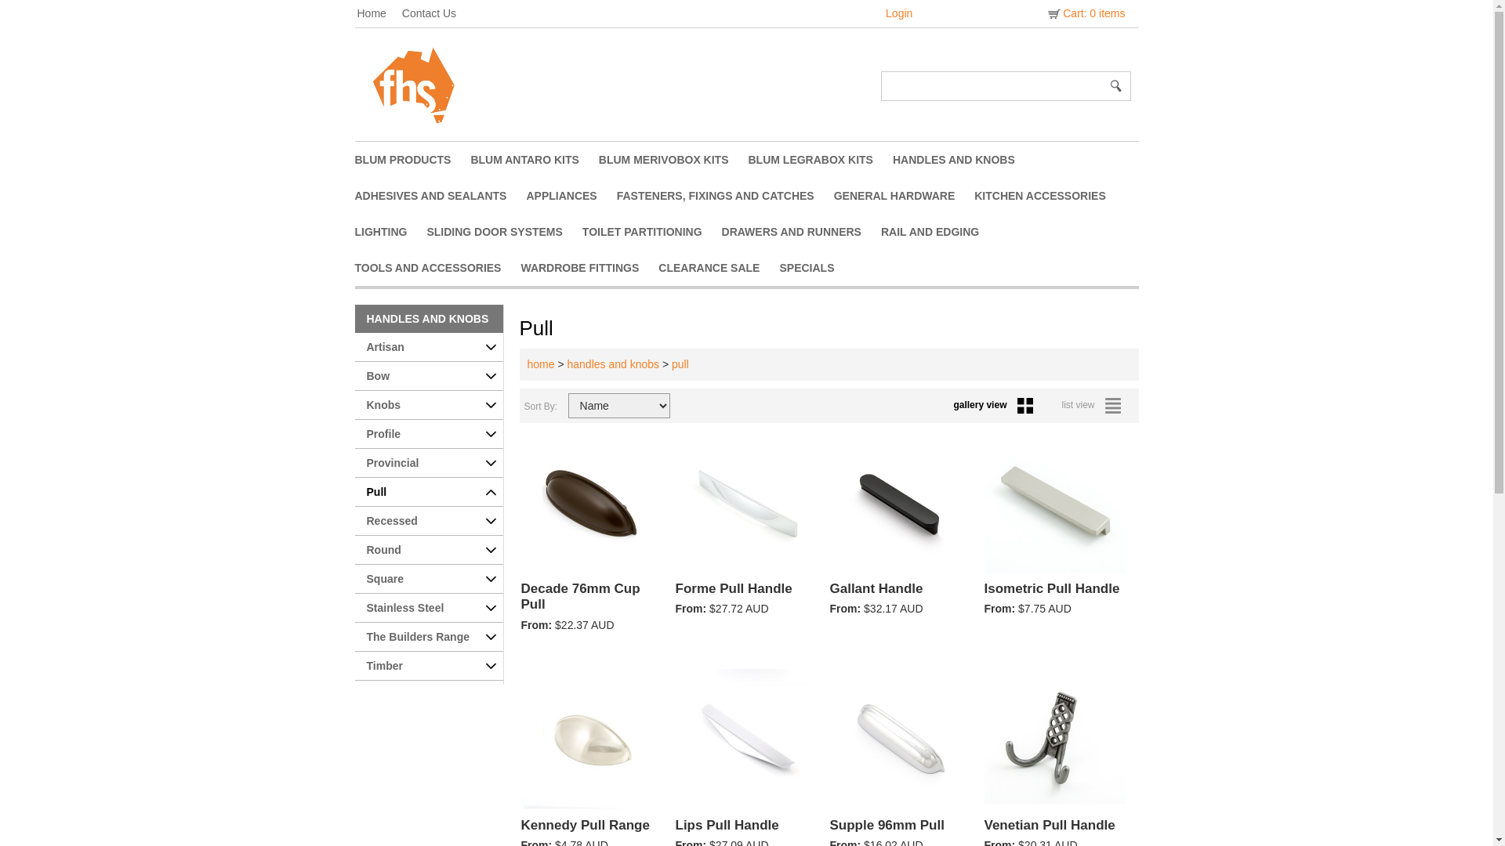 The image size is (1505, 846). I want to click on 'BLUM MERIVOBOX KITS', so click(597, 160).